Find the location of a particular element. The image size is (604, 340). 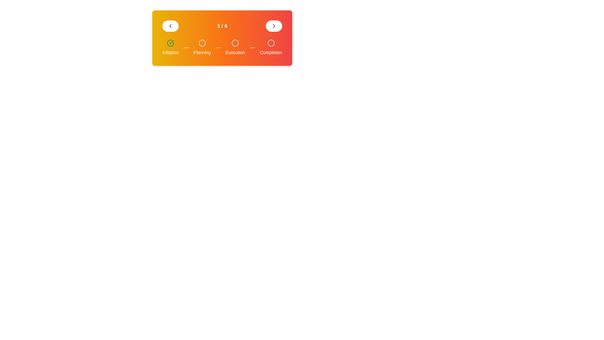

the text label displaying the word 'Execution', which is part of a progression tracker and located beneath its corresponding circular icon is located at coordinates (235, 52).